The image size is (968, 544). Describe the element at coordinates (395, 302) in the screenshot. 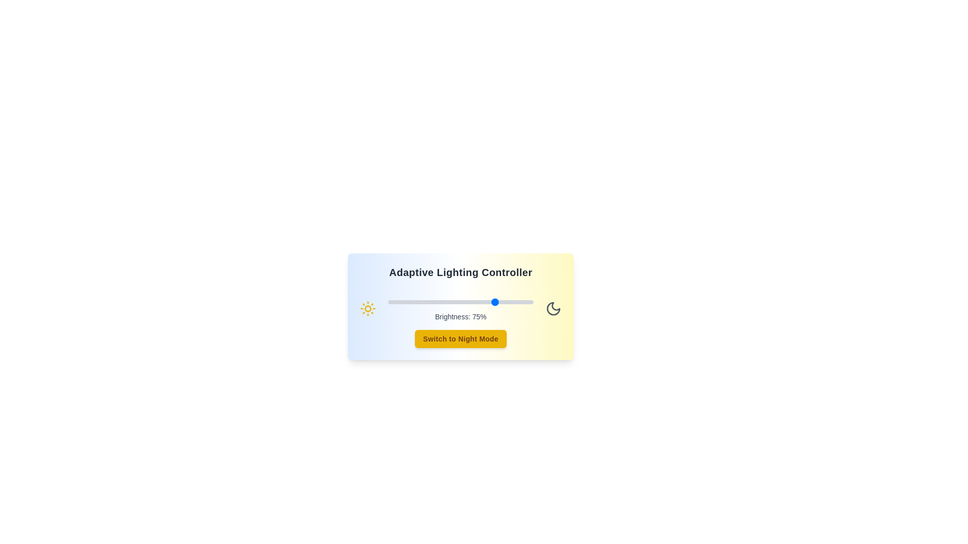

I see `brightness` at that location.